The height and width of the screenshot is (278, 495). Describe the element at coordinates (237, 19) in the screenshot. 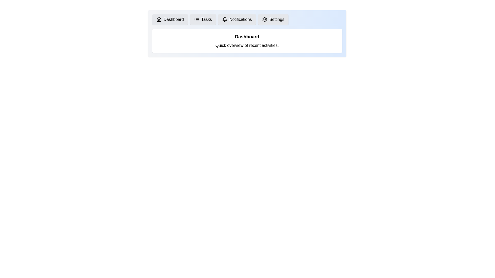

I see `the tab labeled Notifications to view its content` at that location.